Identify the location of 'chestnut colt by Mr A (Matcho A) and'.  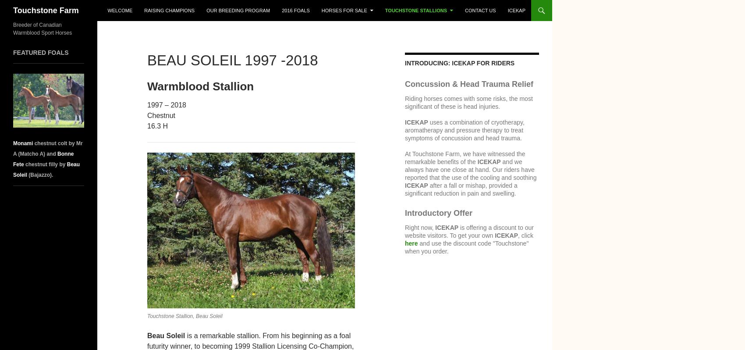
(47, 148).